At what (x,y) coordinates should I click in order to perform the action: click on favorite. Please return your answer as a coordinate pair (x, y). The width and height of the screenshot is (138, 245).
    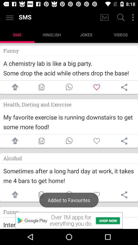
    Looking at the image, I should click on (97, 87).